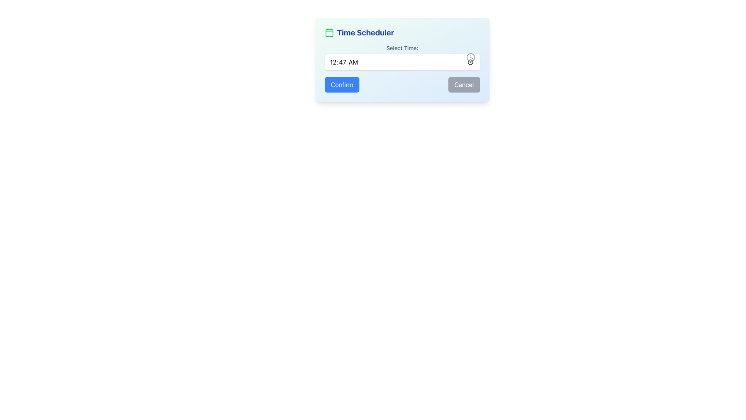  What do you see at coordinates (402, 57) in the screenshot?
I see `the time input field labeled 'Select Time:' in the Time Selector section of the Time Scheduler card` at bounding box center [402, 57].